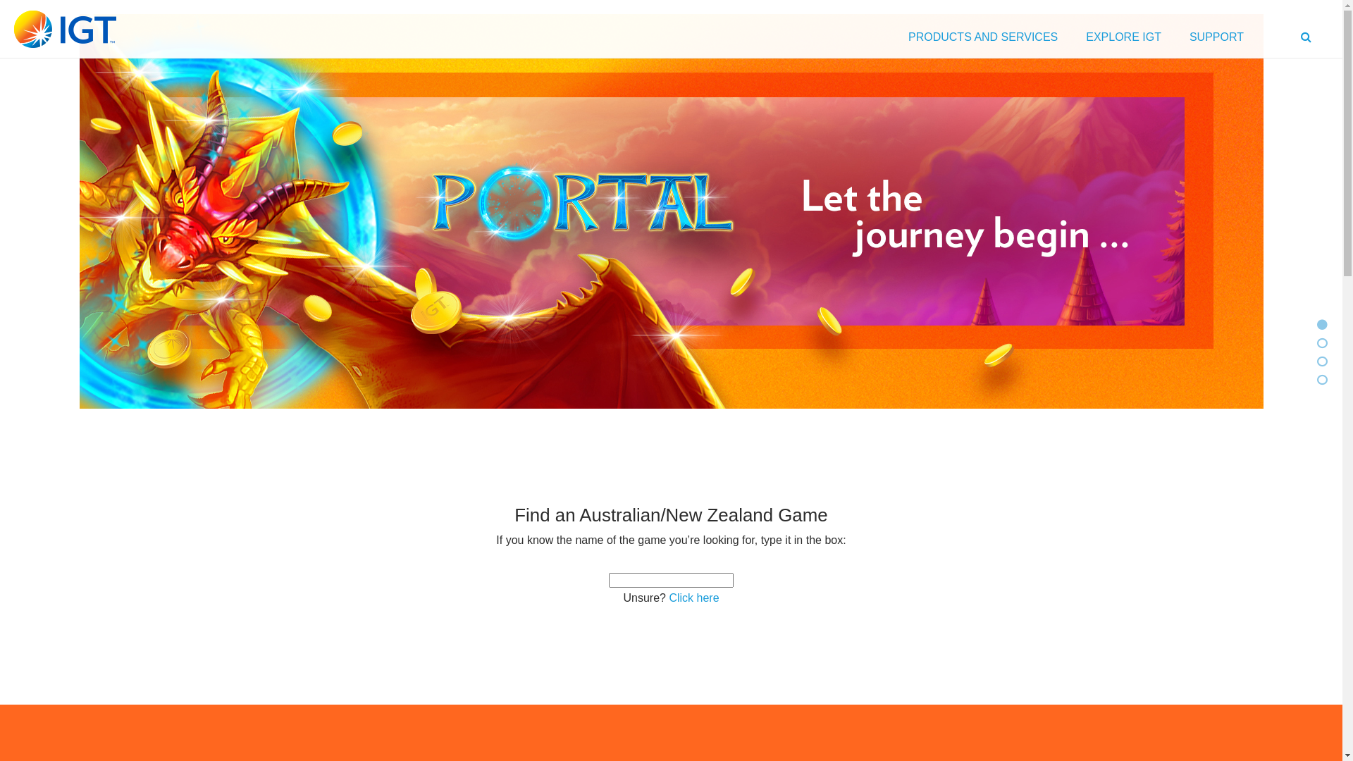 The width and height of the screenshot is (1353, 761). What do you see at coordinates (693, 598) in the screenshot?
I see `'Click here'` at bounding box center [693, 598].